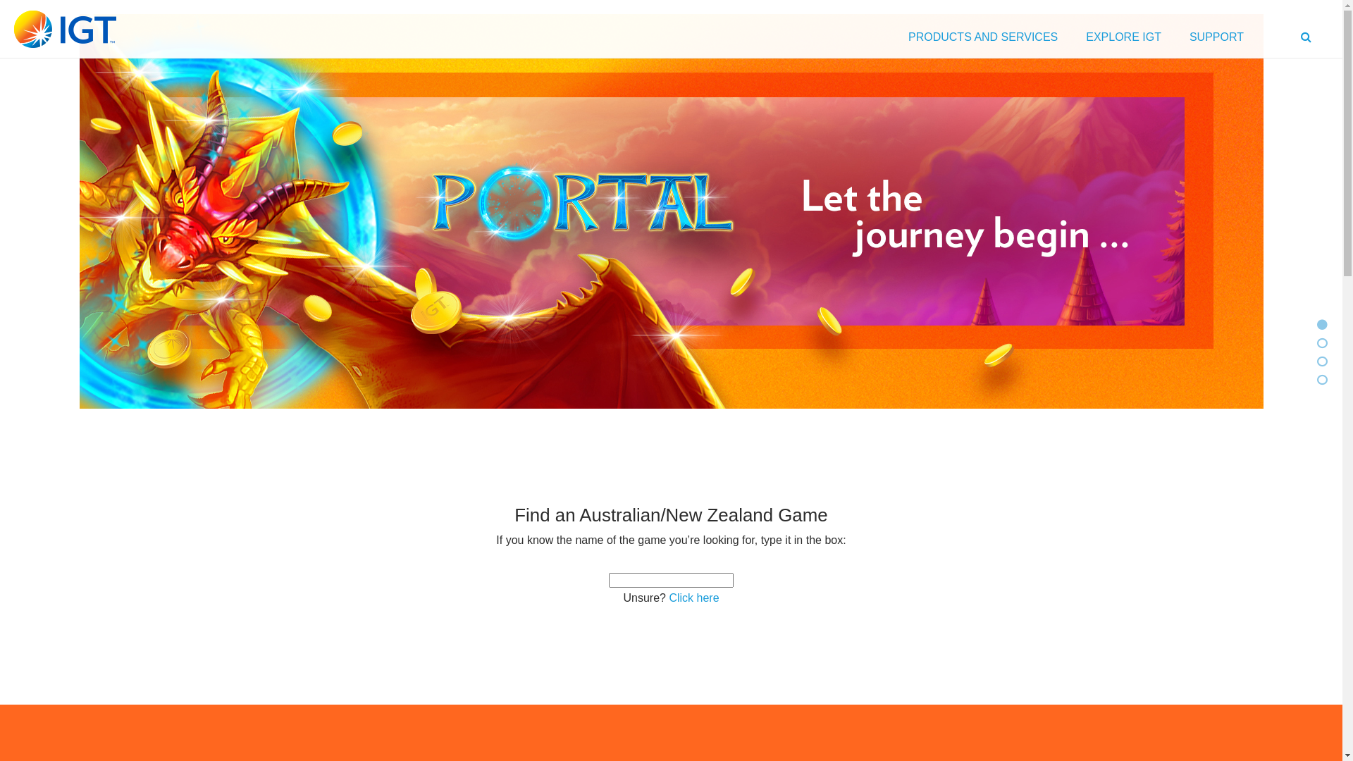 The width and height of the screenshot is (1353, 761). What do you see at coordinates (693, 598) in the screenshot?
I see `'Click here'` at bounding box center [693, 598].